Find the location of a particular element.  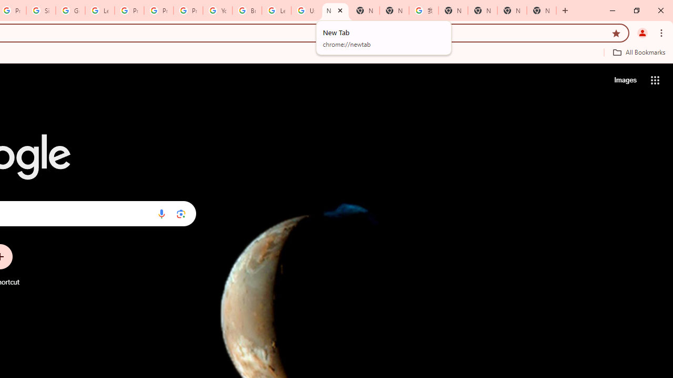

'Privacy Help Center - Policies Help' is located at coordinates (158, 10).